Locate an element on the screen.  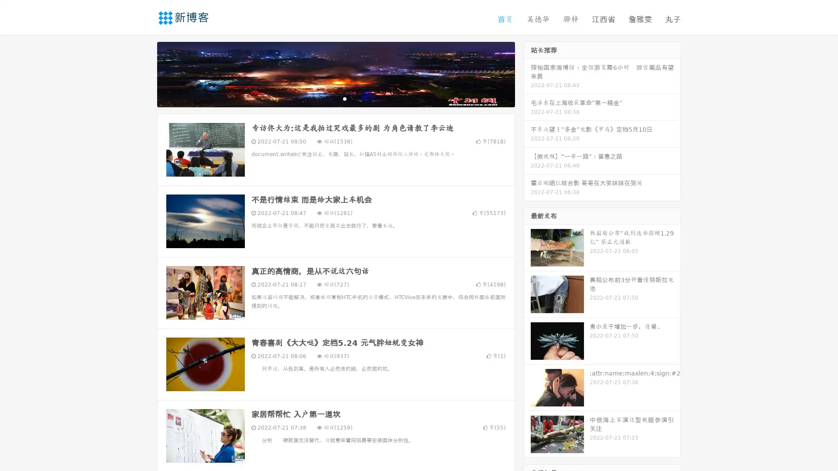
Next slide is located at coordinates (527, 73).